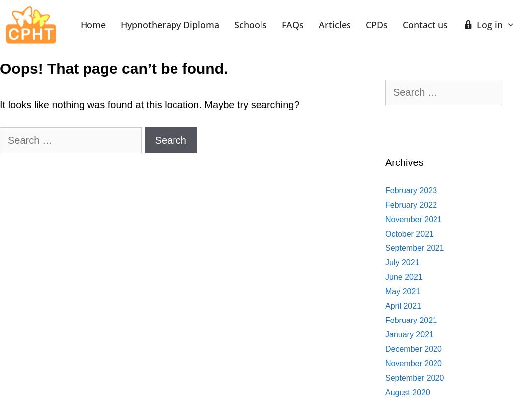  What do you see at coordinates (404, 162) in the screenshot?
I see `'Archives'` at bounding box center [404, 162].